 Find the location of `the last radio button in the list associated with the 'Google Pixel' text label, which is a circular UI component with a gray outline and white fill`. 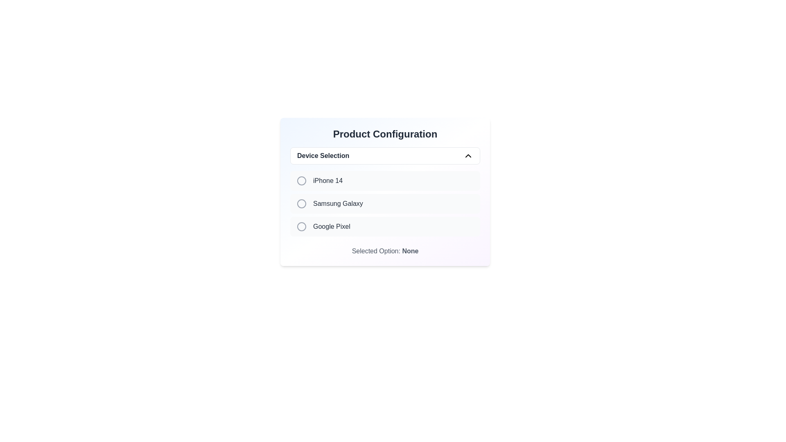

the last radio button in the list associated with the 'Google Pixel' text label, which is a circular UI component with a gray outline and white fill is located at coordinates (301, 227).